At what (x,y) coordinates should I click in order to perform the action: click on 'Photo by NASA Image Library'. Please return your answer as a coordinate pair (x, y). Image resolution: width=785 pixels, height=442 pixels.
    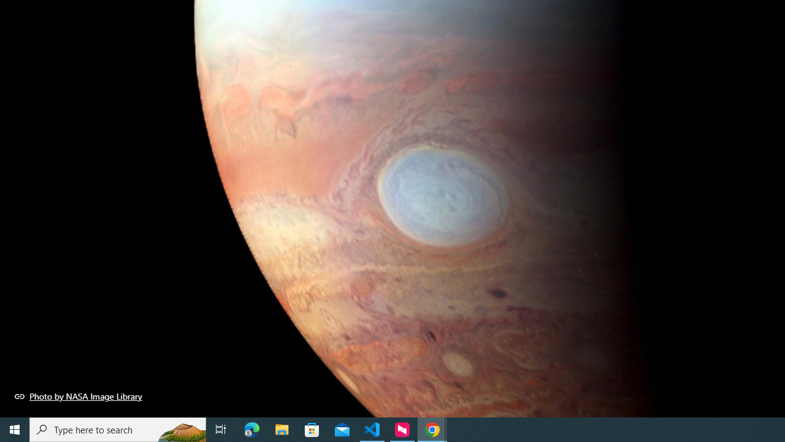
    Looking at the image, I should click on (78, 396).